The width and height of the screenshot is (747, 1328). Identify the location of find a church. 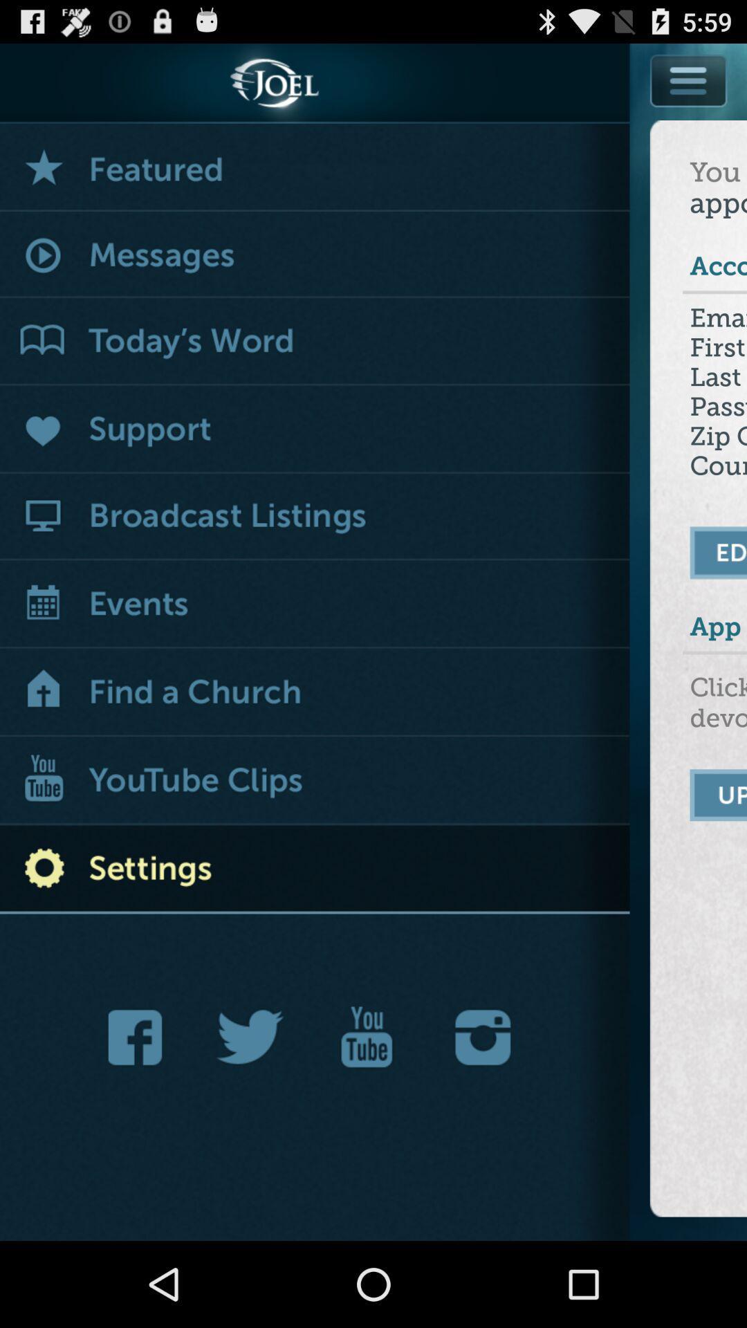
(315, 693).